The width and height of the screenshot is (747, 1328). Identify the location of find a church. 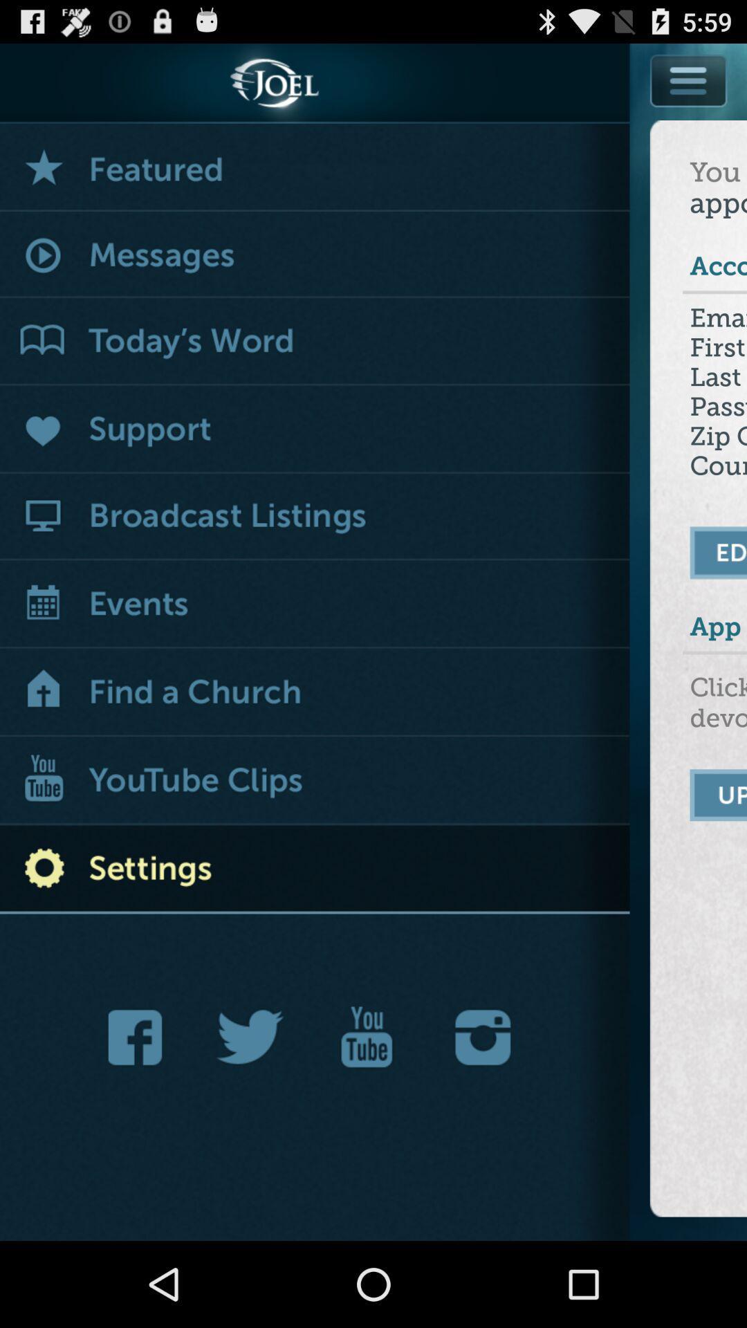
(315, 693).